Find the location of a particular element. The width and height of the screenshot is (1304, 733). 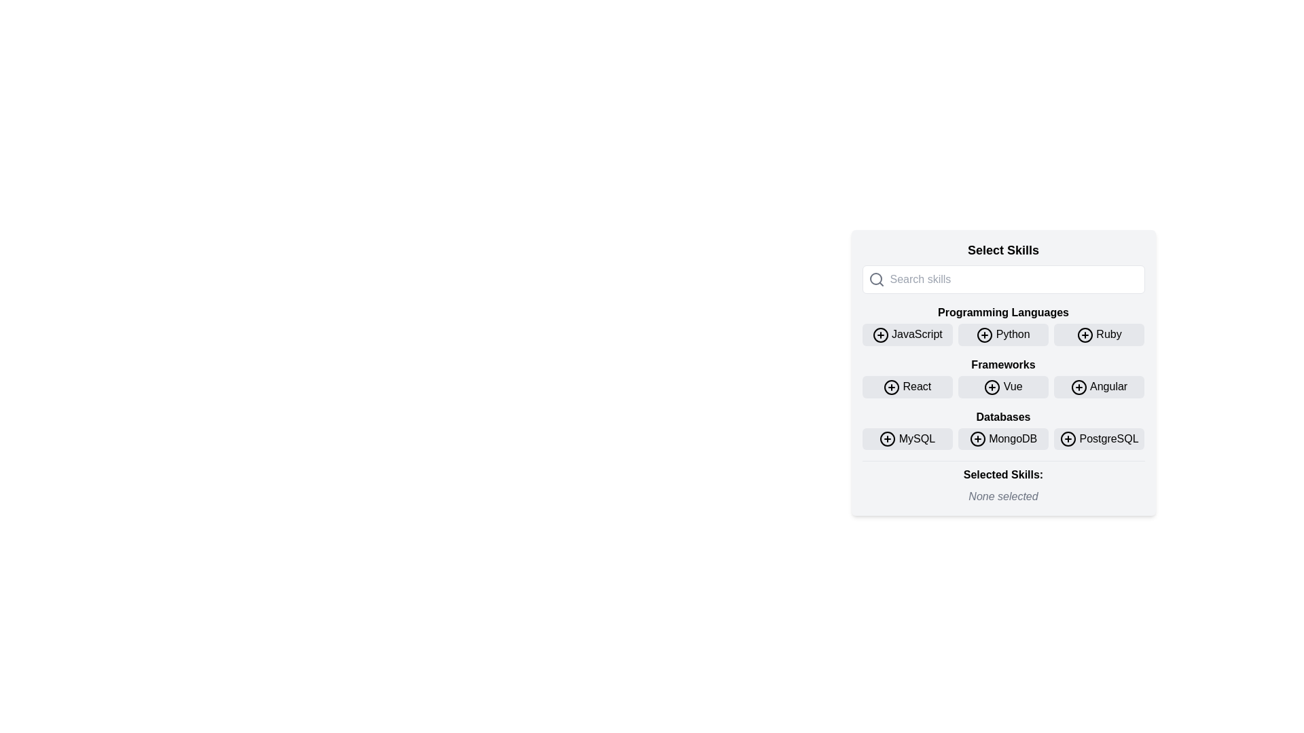

the 'MongoDB' button located in the skill selection section under the 'Databases' heading is located at coordinates (1003, 438).